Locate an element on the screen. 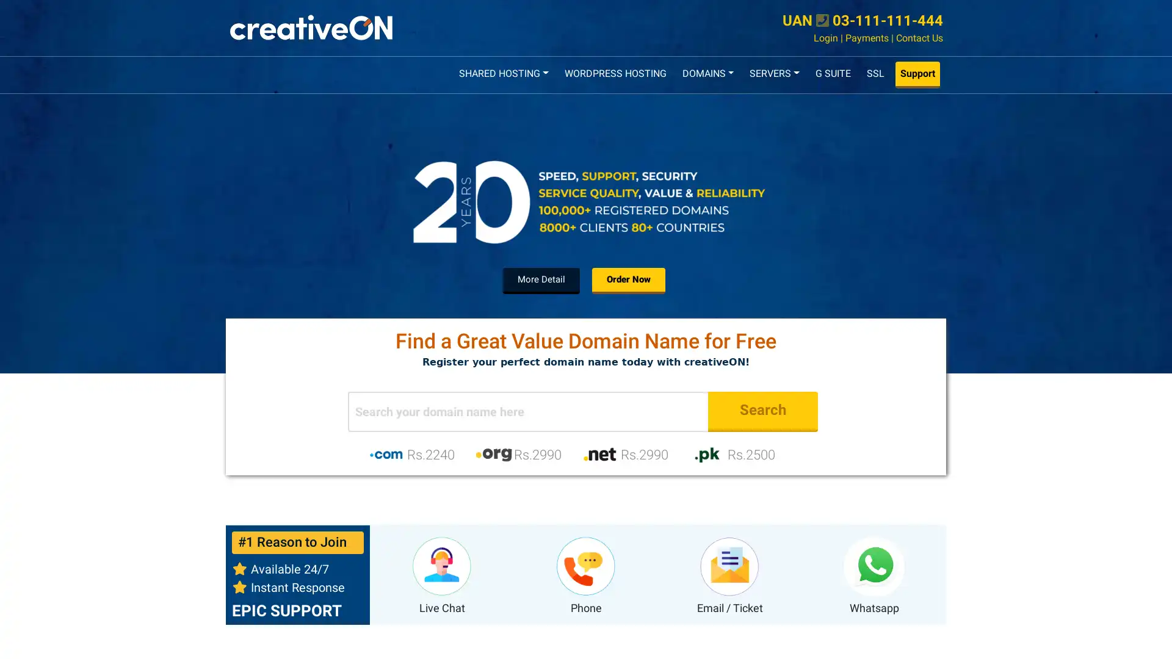 The width and height of the screenshot is (1172, 659). Order Now is located at coordinates (629, 280).